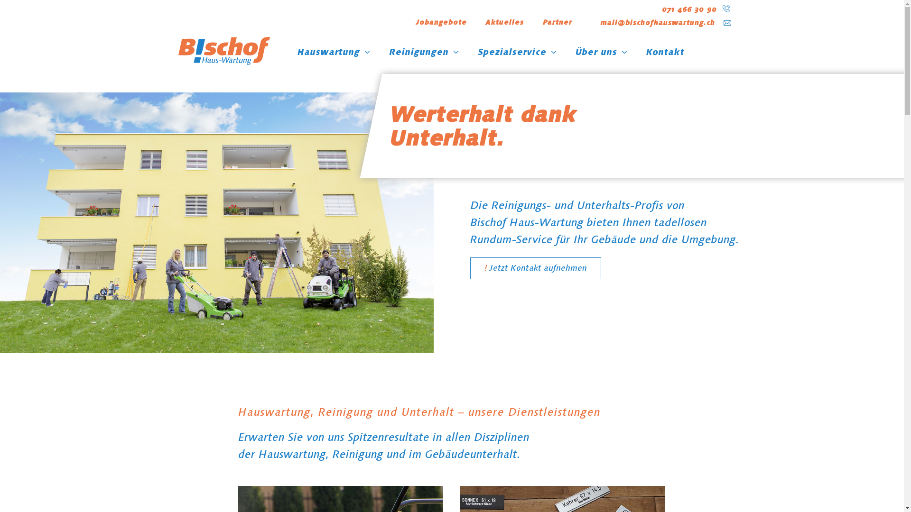  Describe the element at coordinates (542, 22) in the screenshot. I see `'Partner'` at that location.